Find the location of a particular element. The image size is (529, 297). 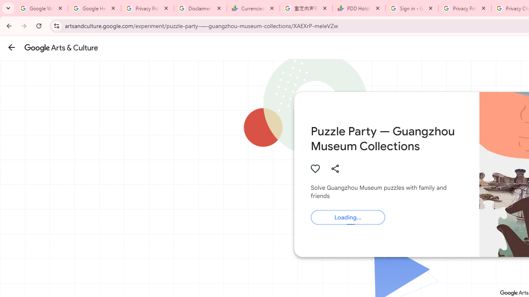

'Currencies - Google Finance' is located at coordinates (253, 8).